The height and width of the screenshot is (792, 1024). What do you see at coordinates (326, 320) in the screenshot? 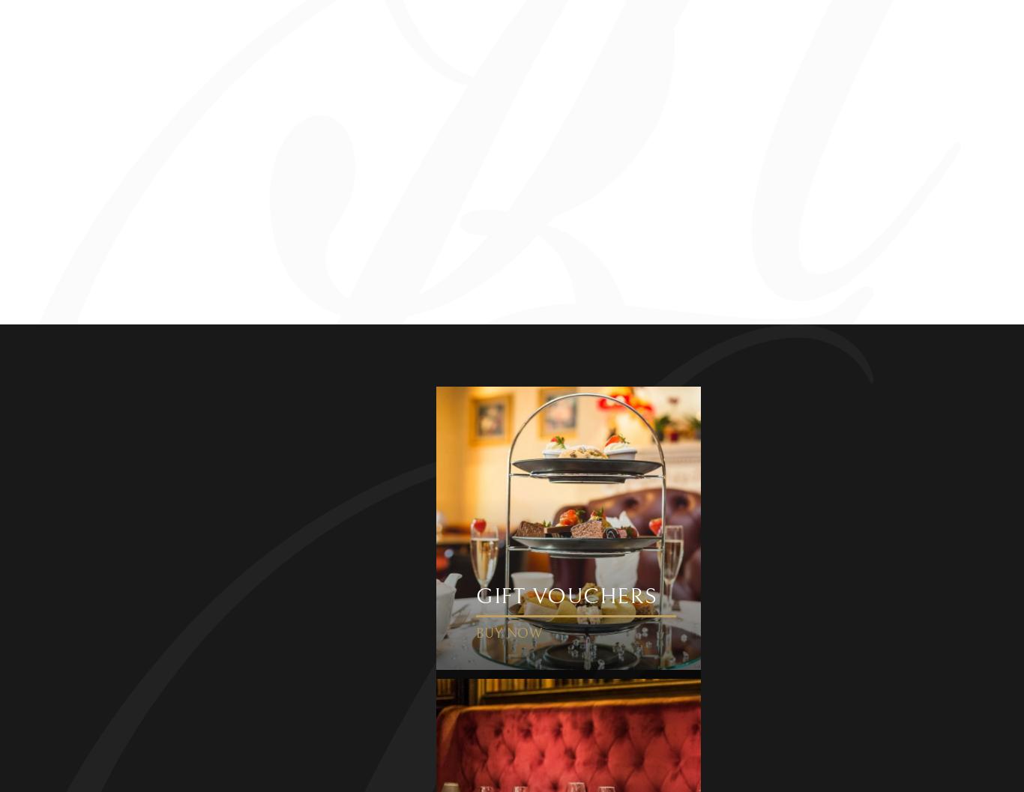
I see `'Dining Enquiry'` at bounding box center [326, 320].